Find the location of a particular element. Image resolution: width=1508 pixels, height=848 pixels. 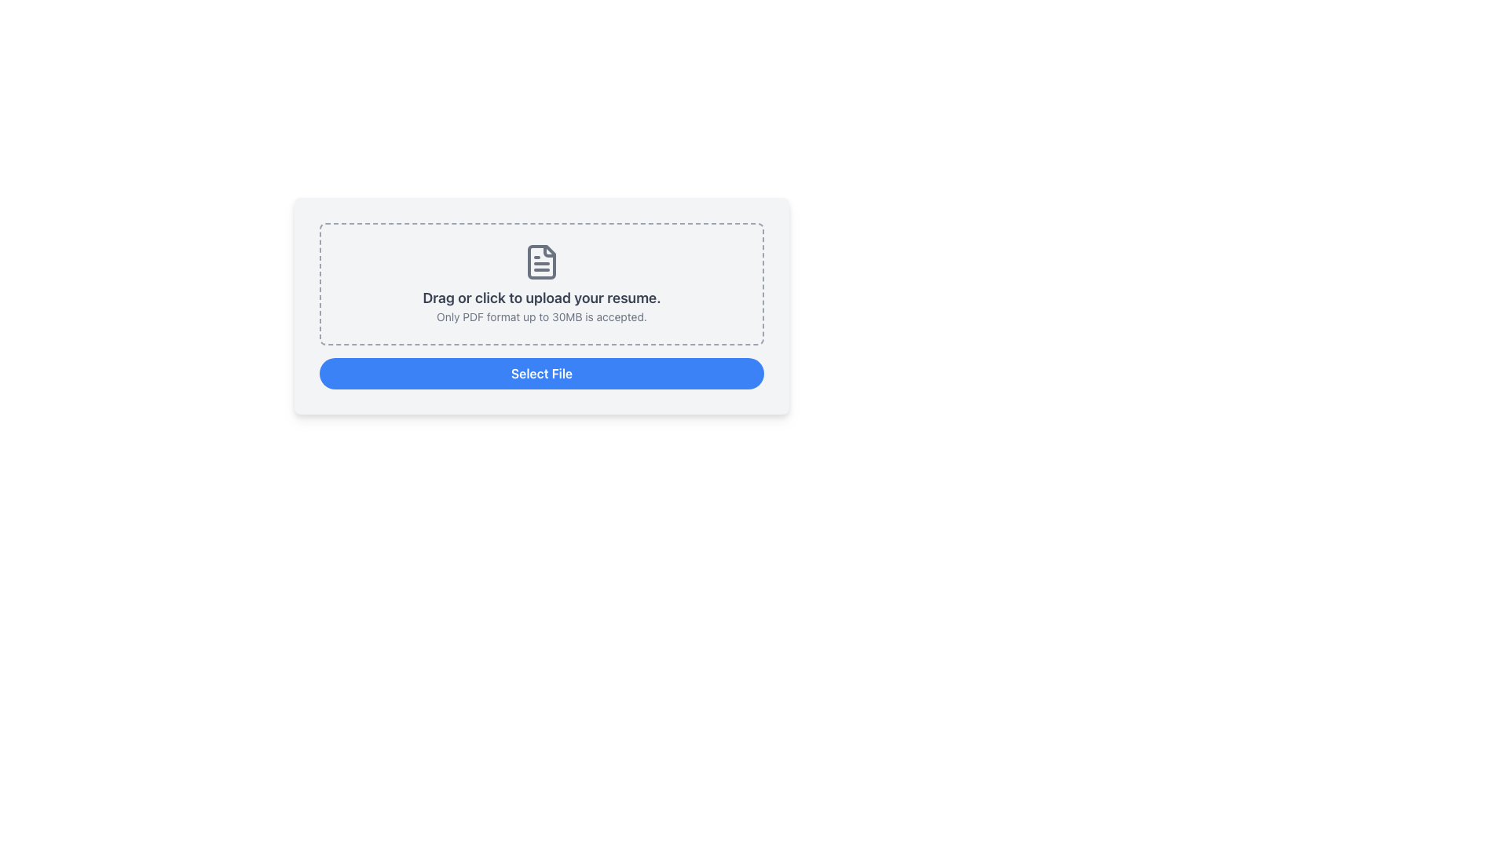

the second text label that provides instructions for the file upload feature, located centrally below the graphical file icon and above a smaller caption text within a dashed-border box is located at coordinates (542, 298).